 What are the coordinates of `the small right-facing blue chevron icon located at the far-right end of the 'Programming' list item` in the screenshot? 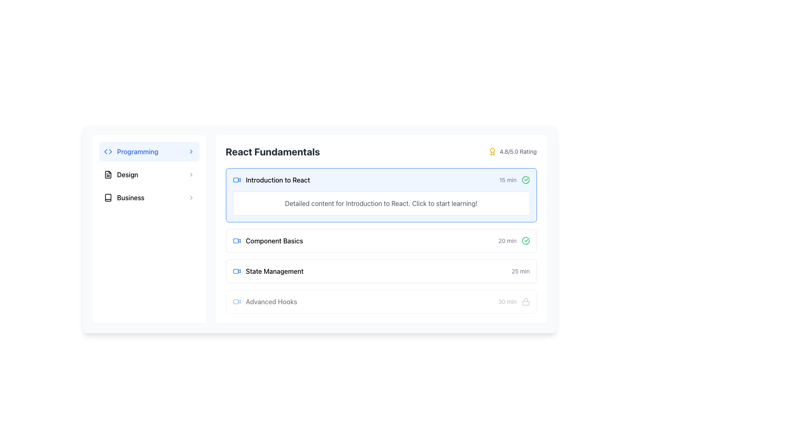 It's located at (191, 152).